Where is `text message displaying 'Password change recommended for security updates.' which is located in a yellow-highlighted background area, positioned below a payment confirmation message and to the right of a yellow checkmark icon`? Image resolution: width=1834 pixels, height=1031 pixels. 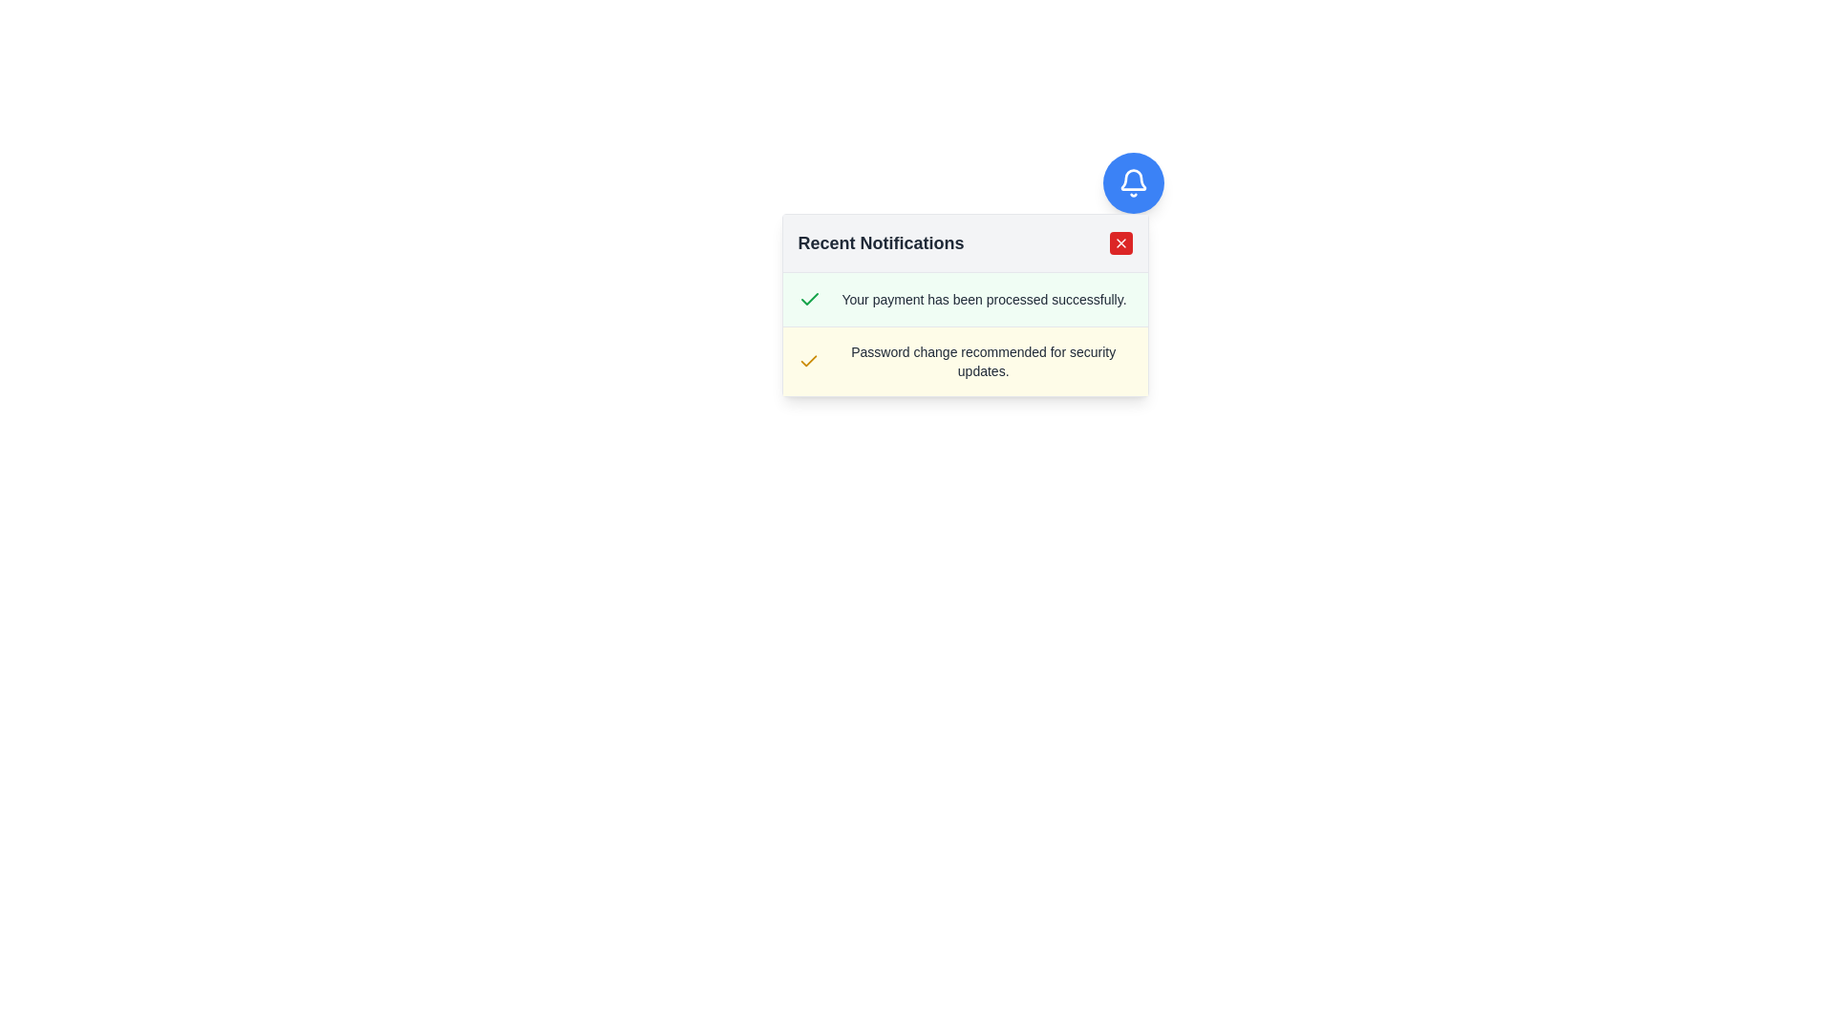 text message displaying 'Password change recommended for security updates.' which is located in a yellow-highlighted background area, positioned below a payment confirmation message and to the right of a yellow checkmark icon is located at coordinates (983, 361).